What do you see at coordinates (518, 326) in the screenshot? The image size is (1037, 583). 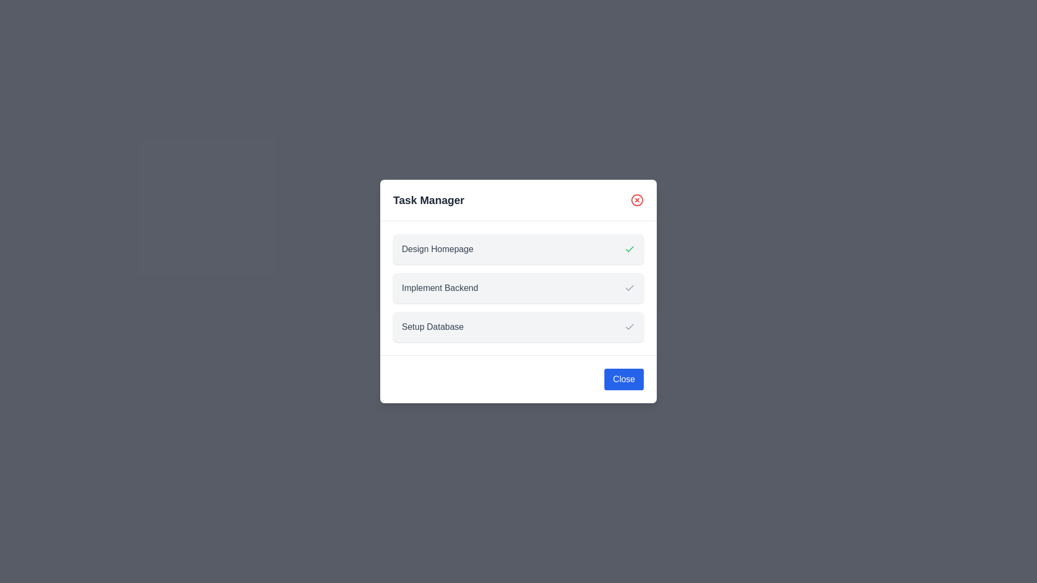 I see `the task item corresponding to Setup Database to inspect its details` at bounding box center [518, 326].